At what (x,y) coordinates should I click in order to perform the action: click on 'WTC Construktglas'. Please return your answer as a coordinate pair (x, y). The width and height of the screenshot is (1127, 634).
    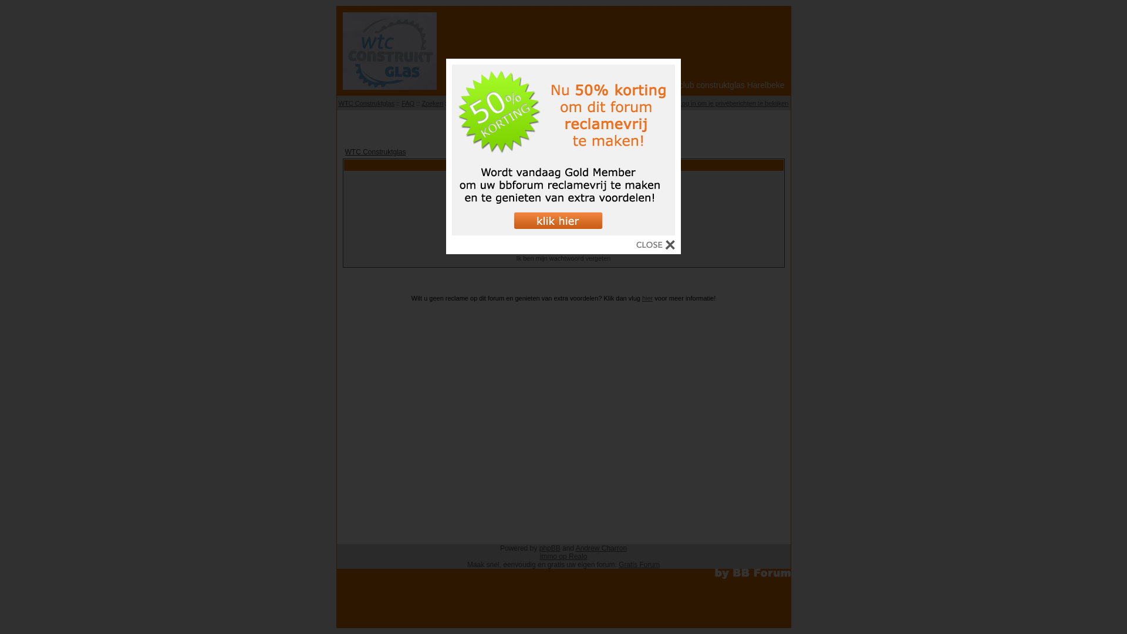
    Looking at the image, I should click on (374, 151).